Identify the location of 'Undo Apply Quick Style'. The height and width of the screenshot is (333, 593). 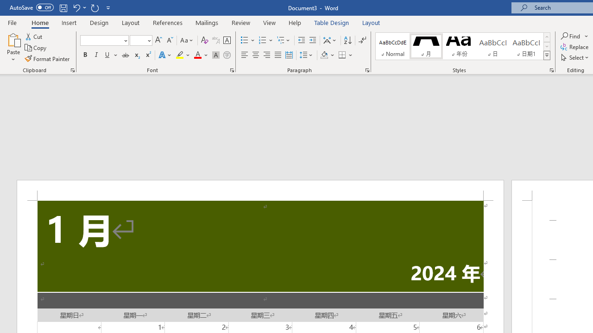
(79, 7).